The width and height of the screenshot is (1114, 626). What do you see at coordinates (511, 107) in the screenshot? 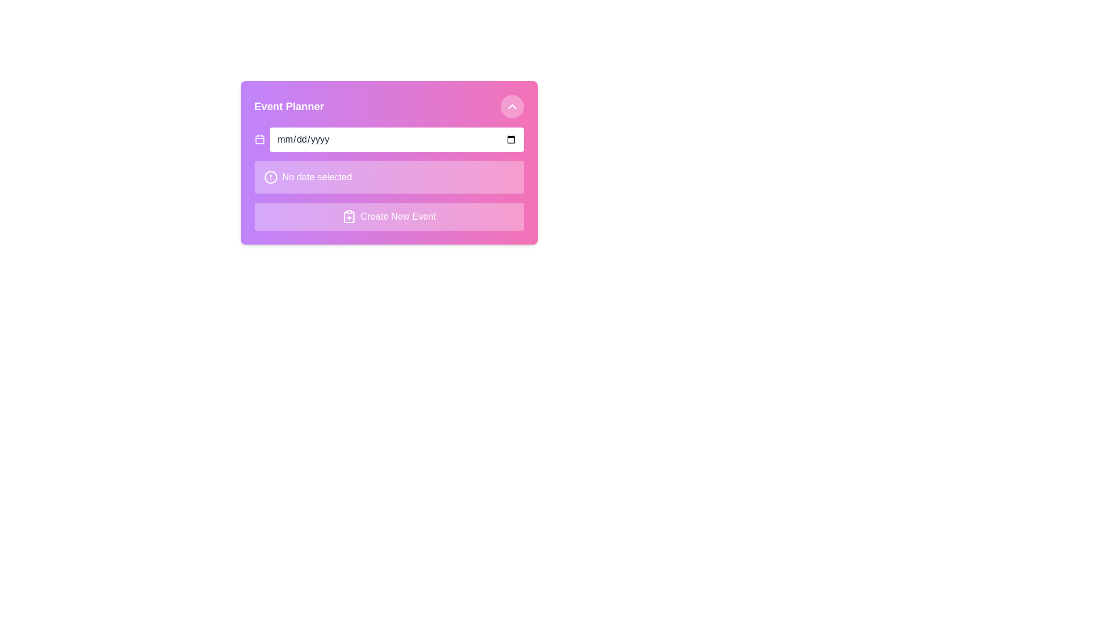
I see `the chevron icon located in the circular button at the top right corner of the 'Event Planner' panel` at bounding box center [511, 107].